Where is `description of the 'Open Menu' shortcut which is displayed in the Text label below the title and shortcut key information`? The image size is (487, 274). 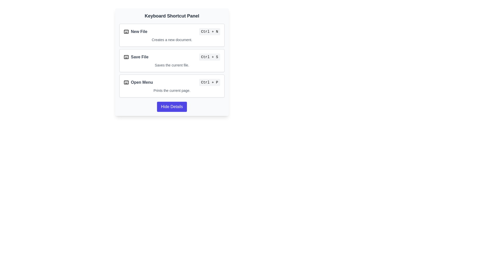
description of the 'Open Menu' shortcut which is displayed in the Text label below the title and shortcut key information is located at coordinates (172, 90).